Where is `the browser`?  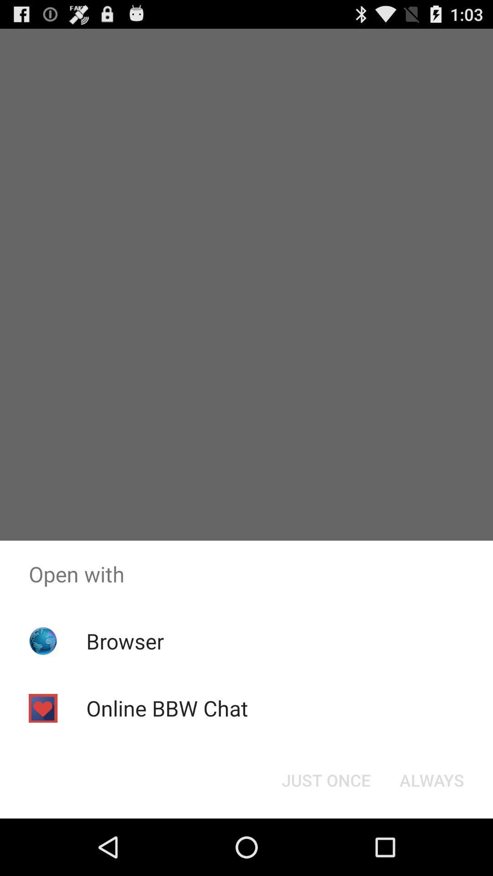 the browser is located at coordinates (125, 641).